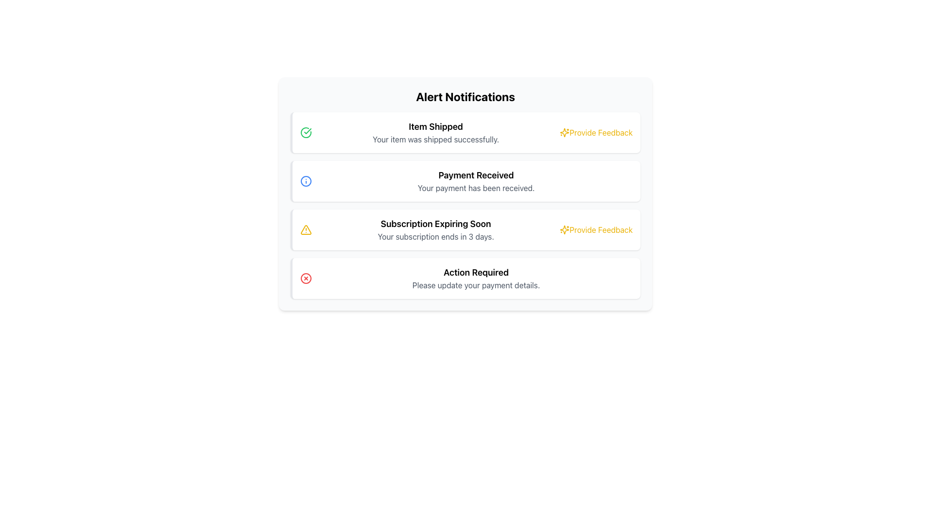 The width and height of the screenshot is (933, 525). What do you see at coordinates (435, 230) in the screenshot?
I see `any related links or buttons that are located near the 'Subscription Expiring Soon' notification, which is the third notification in the list of alerts` at bounding box center [435, 230].